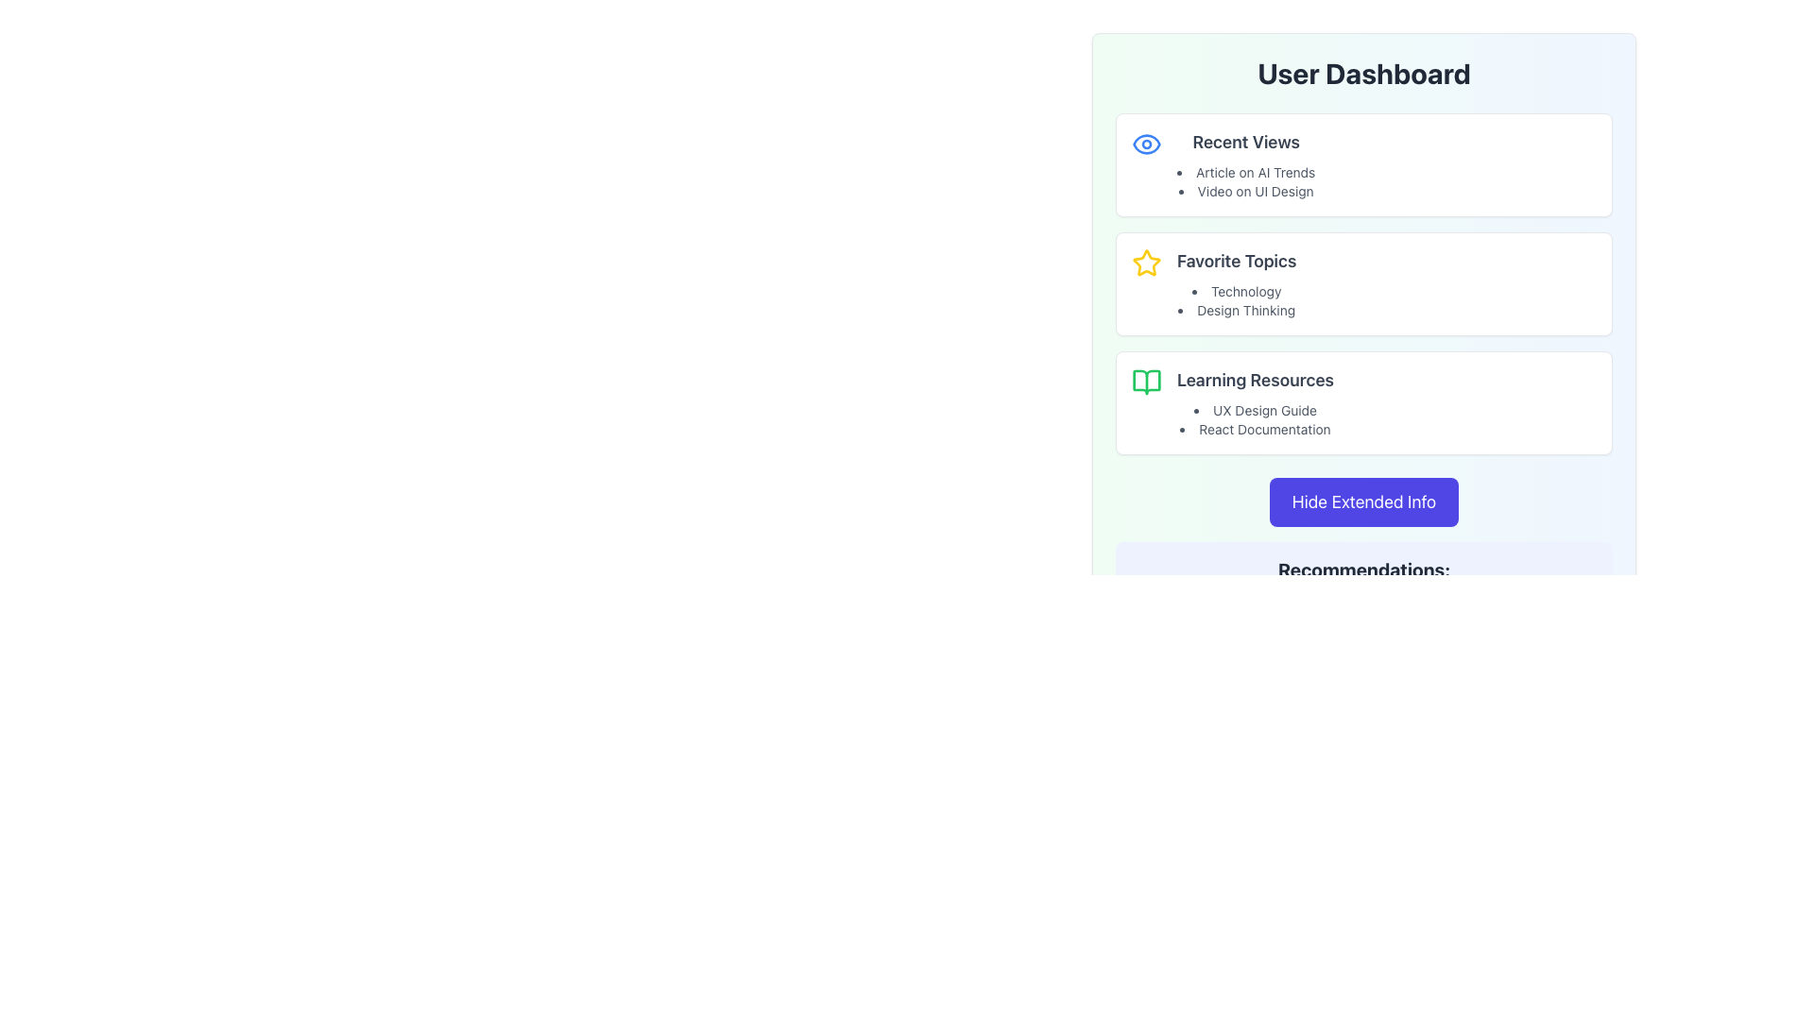 This screenshot has height=1020, width=1814. Describe the element at coordinates (1146, 144) in the screenshot. I see `the 'Recent Views' section icon located to the left of the title text` at that location.